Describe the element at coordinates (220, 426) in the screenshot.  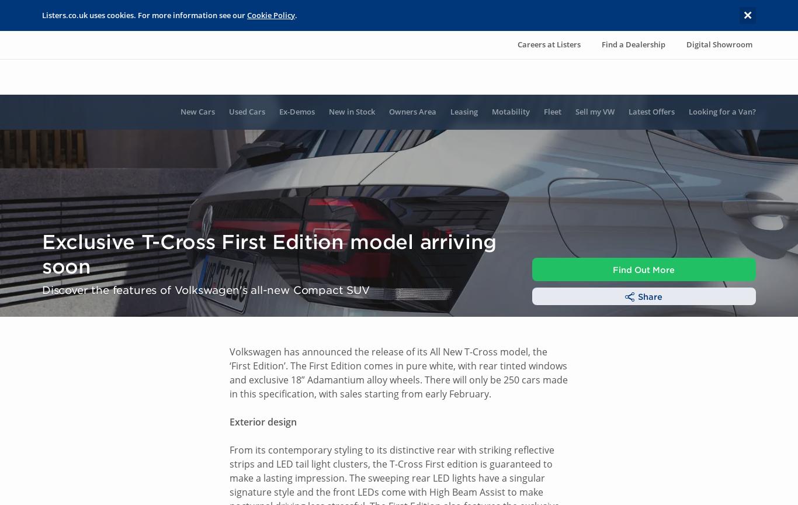
I see `'Worcestershire'` at that location.